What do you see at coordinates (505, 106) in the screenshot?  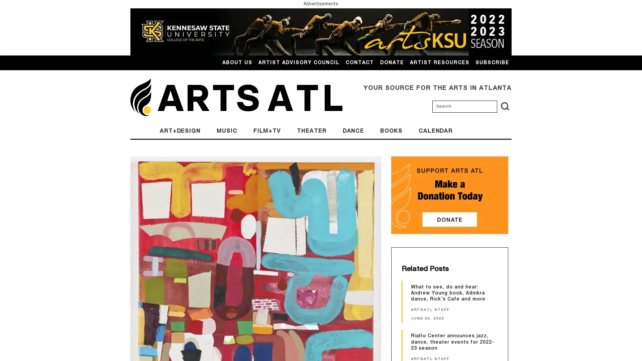 I see `search` at bounding box center [505, 106].